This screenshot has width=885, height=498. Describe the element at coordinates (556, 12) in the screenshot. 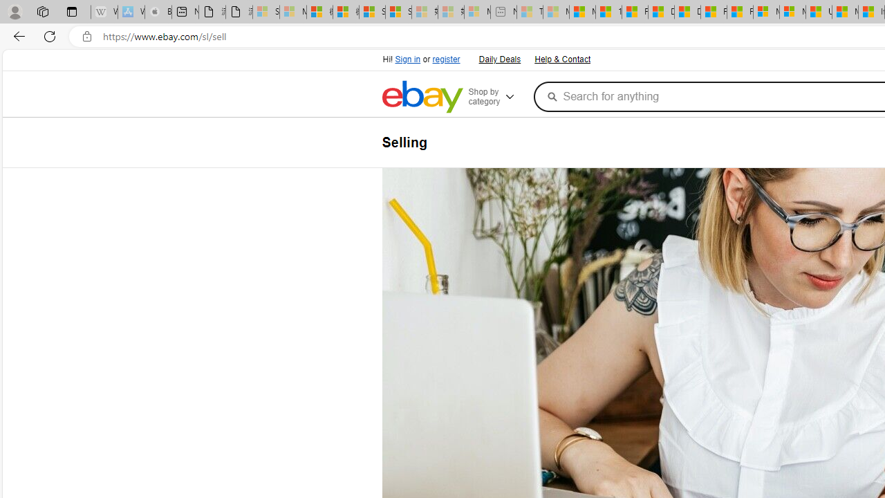

I see `'Marine life - MSN - Sleeping'` at that location.